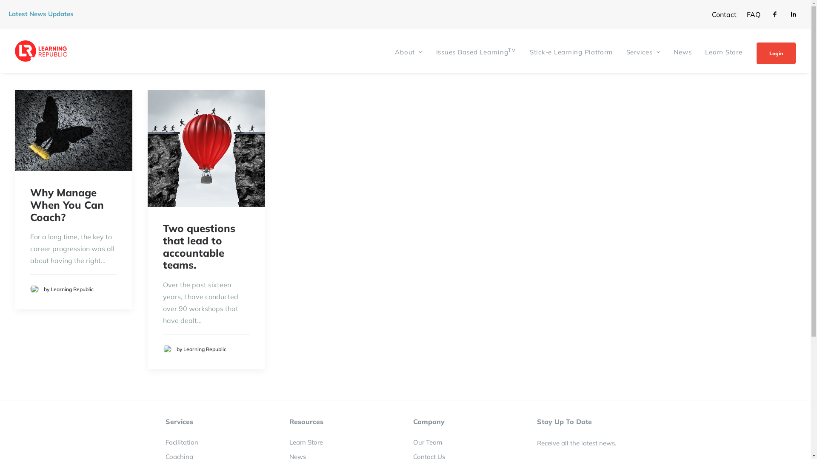 This screenshot has width=817, height=459. I want to click on 'Two questions that lead to accountable teams.', so click(198, 246).